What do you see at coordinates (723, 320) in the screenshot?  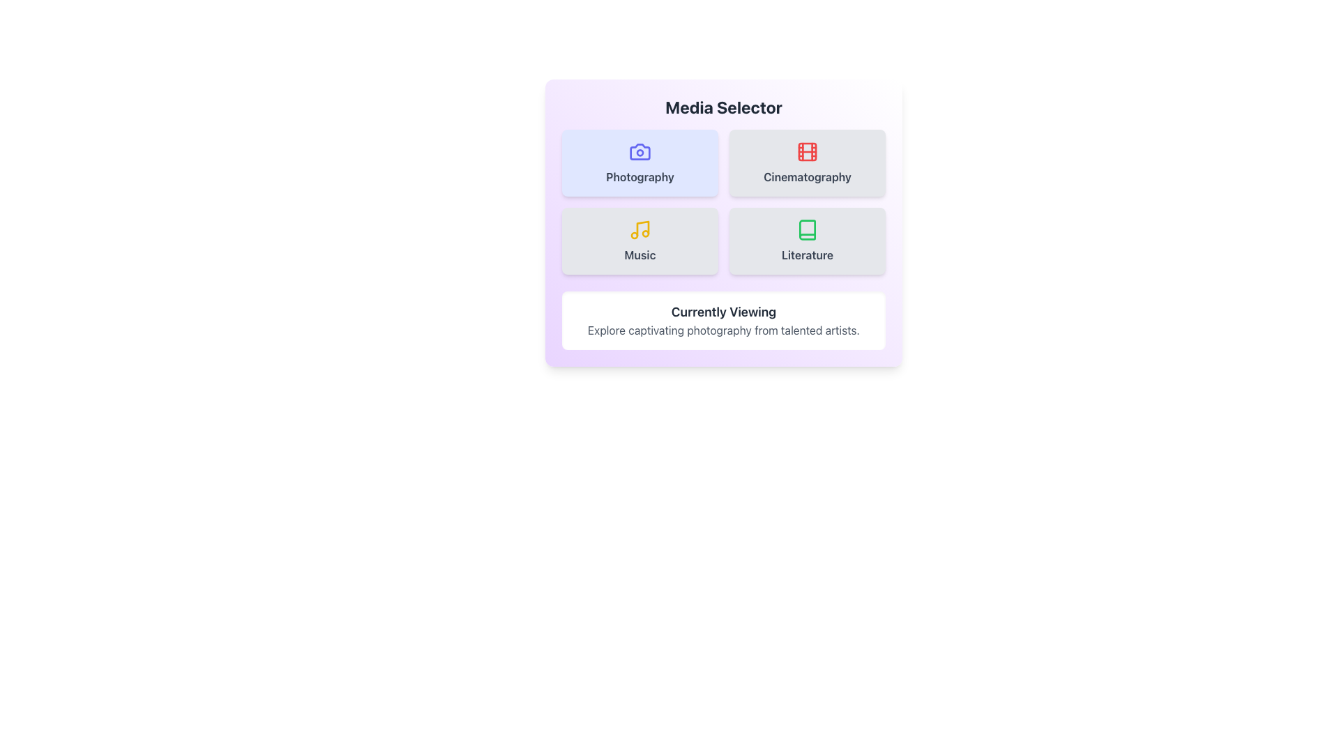 I see `the Informational Text Block located at the bottom section of the Media Selector interface, which shows the currently selected category and its description` at bounding box center [723, 320].